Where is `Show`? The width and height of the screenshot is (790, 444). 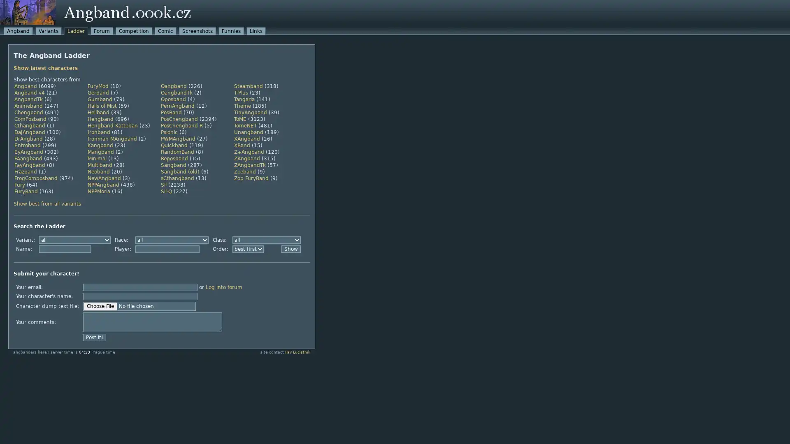 Show is located at coordinates (291, 248).